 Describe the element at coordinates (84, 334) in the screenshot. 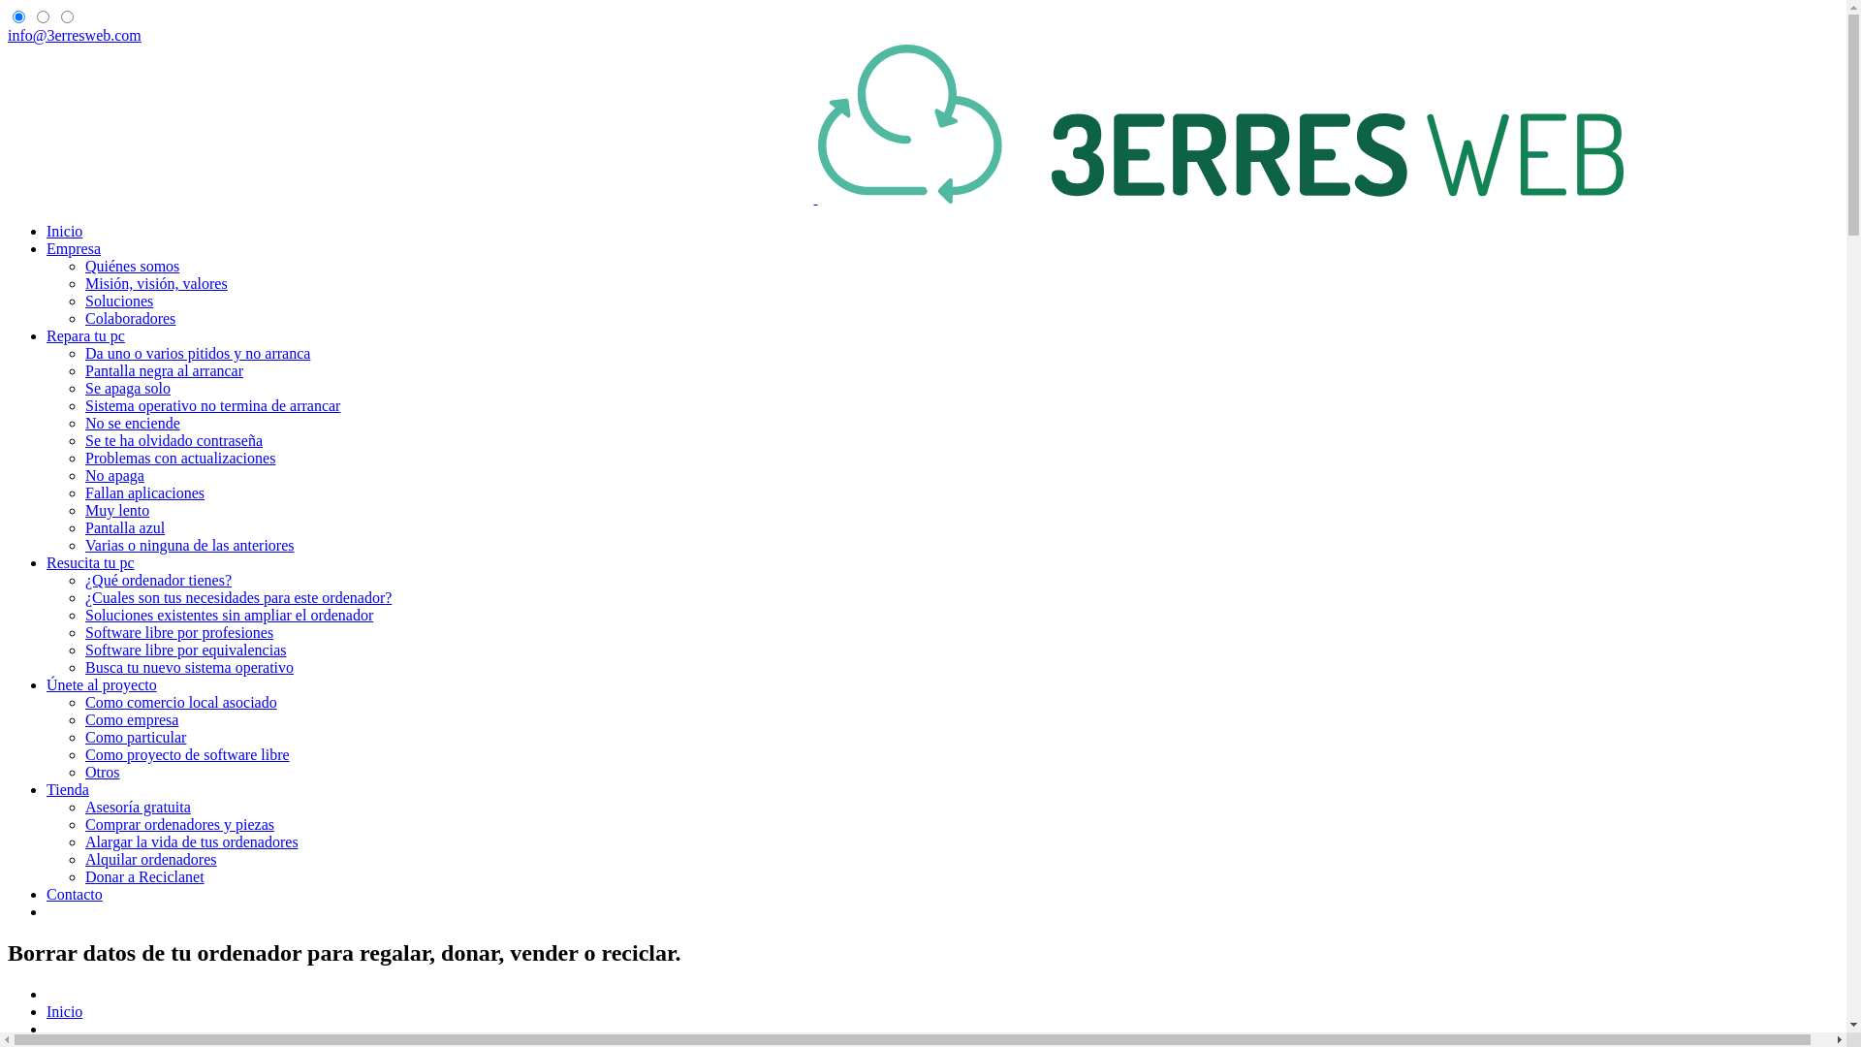

I see `'Repara tu pc'` at that location.